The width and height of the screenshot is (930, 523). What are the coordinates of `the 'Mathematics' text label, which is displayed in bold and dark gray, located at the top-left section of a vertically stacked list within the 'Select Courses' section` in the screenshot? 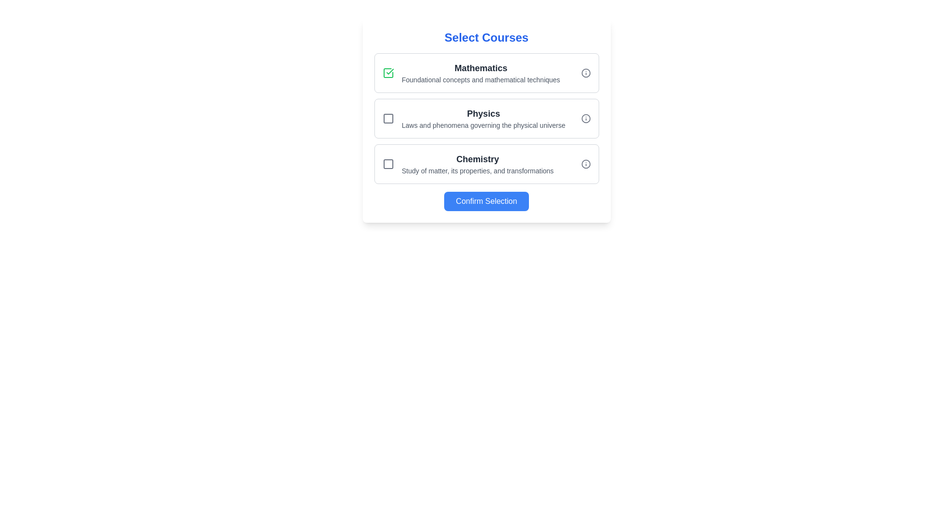 It's located at (481, 68).